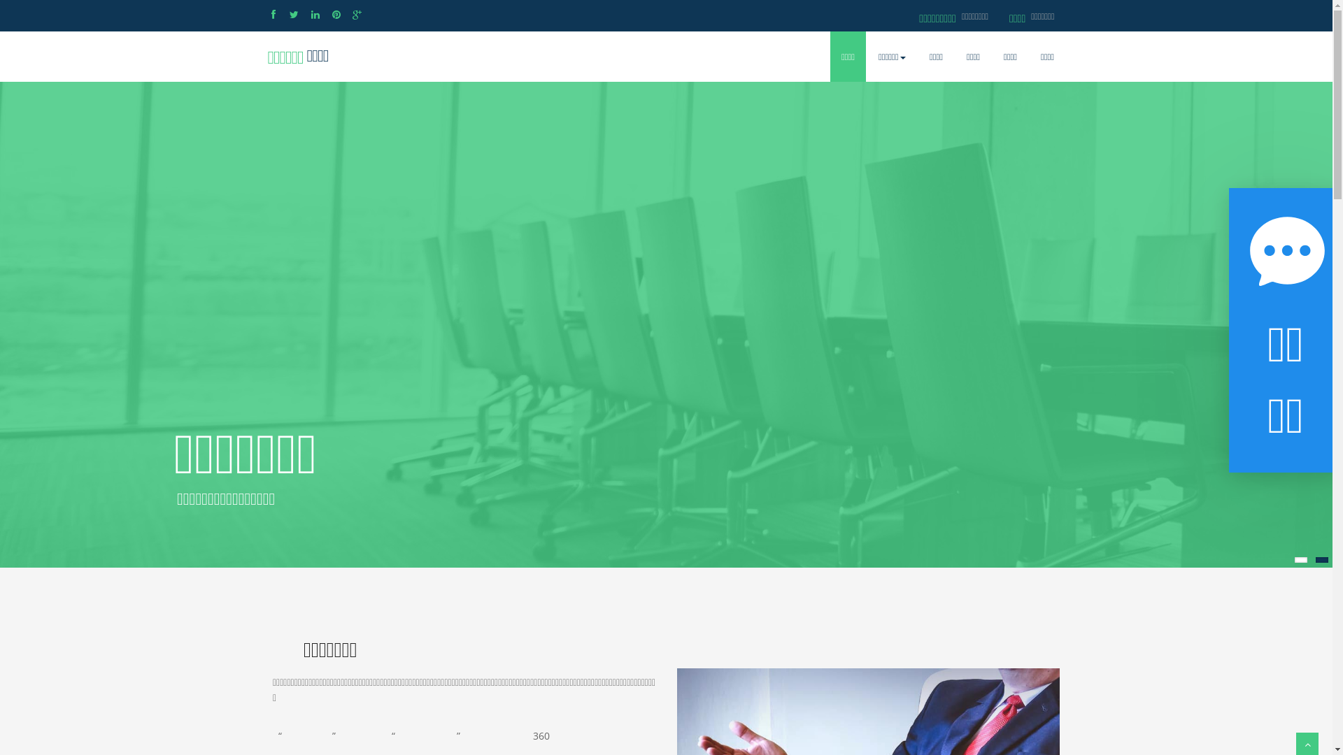 The height and width of the screenshot is (755, 1343). What do you see at coordinates (1321, 559) in the screenshot?
I see `'2'` at bounding box center [1321, 559].